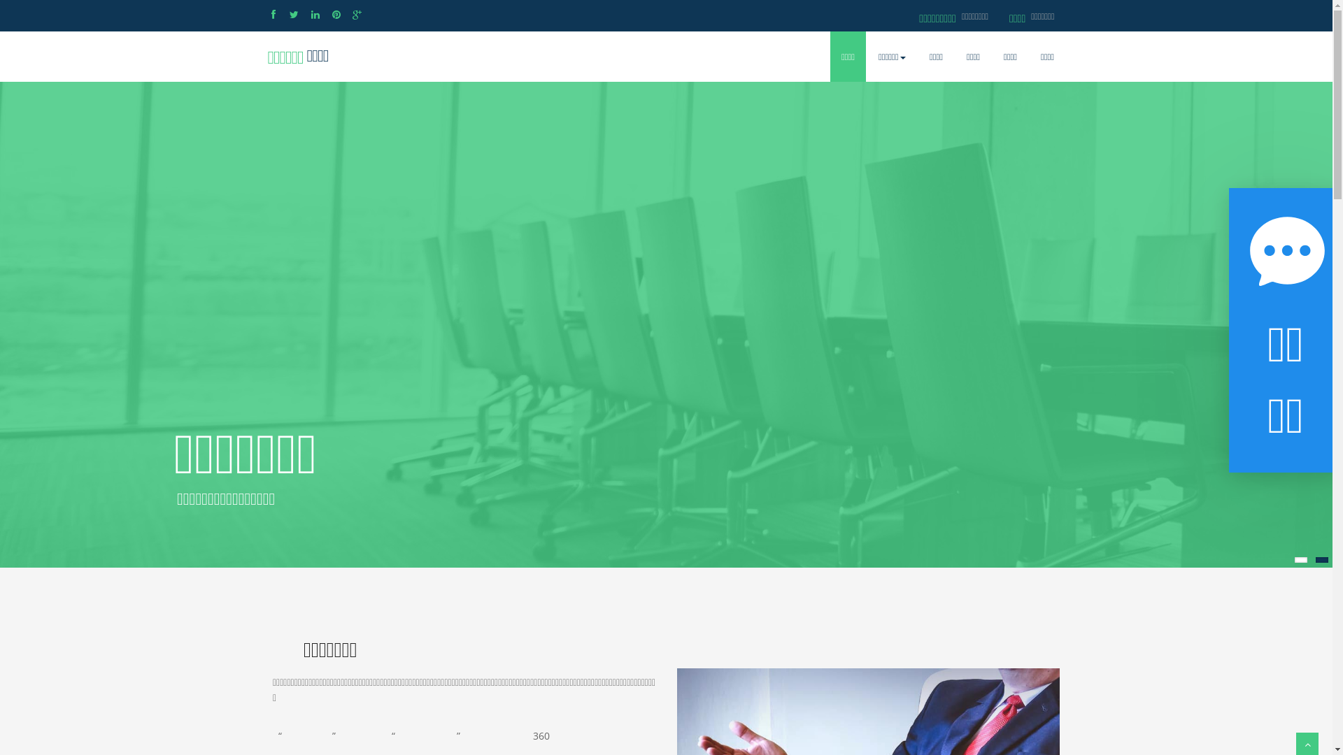 The height and width of the screenshot is (755, 1343). What do you see at coordinates (1321, 559) in the screenshot?
I see `'2'` at bounding box center [1321, 559].